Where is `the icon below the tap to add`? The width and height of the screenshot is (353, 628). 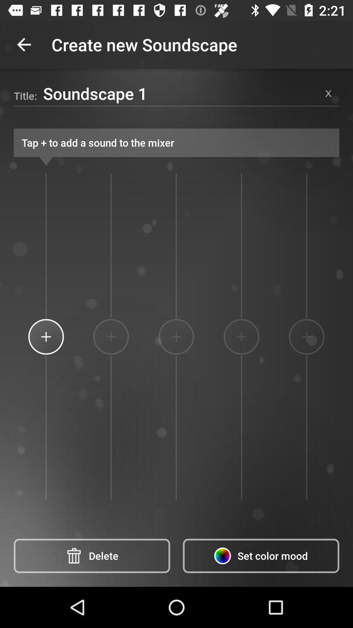 the icon below the tap to add is located at coordinates (241, 337).